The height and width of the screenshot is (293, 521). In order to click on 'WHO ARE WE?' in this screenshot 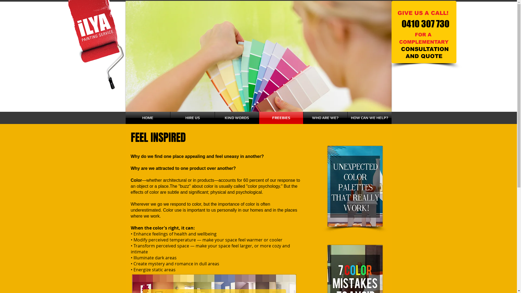, I will do `click(303, 117)`.